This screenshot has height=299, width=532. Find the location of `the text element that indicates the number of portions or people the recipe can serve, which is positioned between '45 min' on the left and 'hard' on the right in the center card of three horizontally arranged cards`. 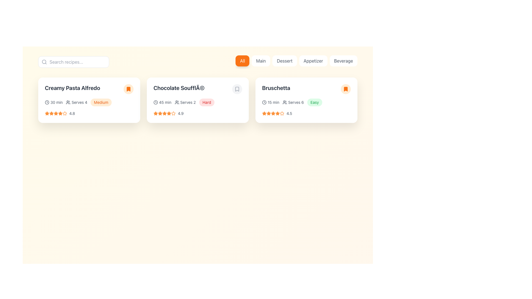

the text element that indicates the number of portions or people the recipe can serve, which is positioned between '45 min' on the left and 'hard' on the right in the center card of three horizontally arranged cards is located at coordinates (185, 102).